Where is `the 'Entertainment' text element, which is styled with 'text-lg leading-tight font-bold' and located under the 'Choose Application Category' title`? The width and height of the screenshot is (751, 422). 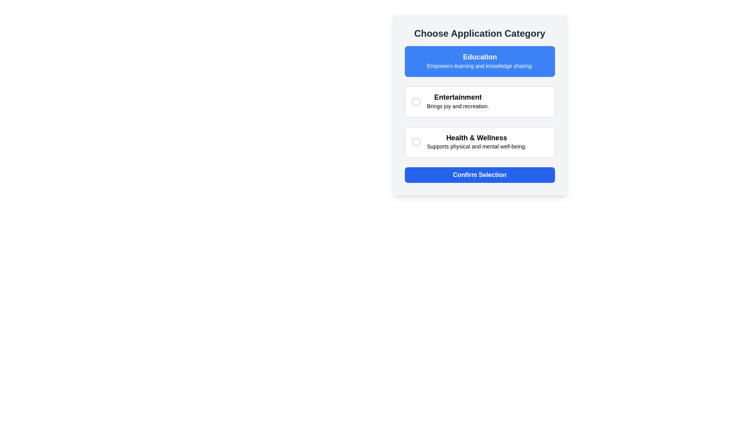
the 'Entertainment' text element, which is styled with 'text-lg leading-tight font-bold' and located under the 'Choose Application Category' title is located at coordinates (458, 97).